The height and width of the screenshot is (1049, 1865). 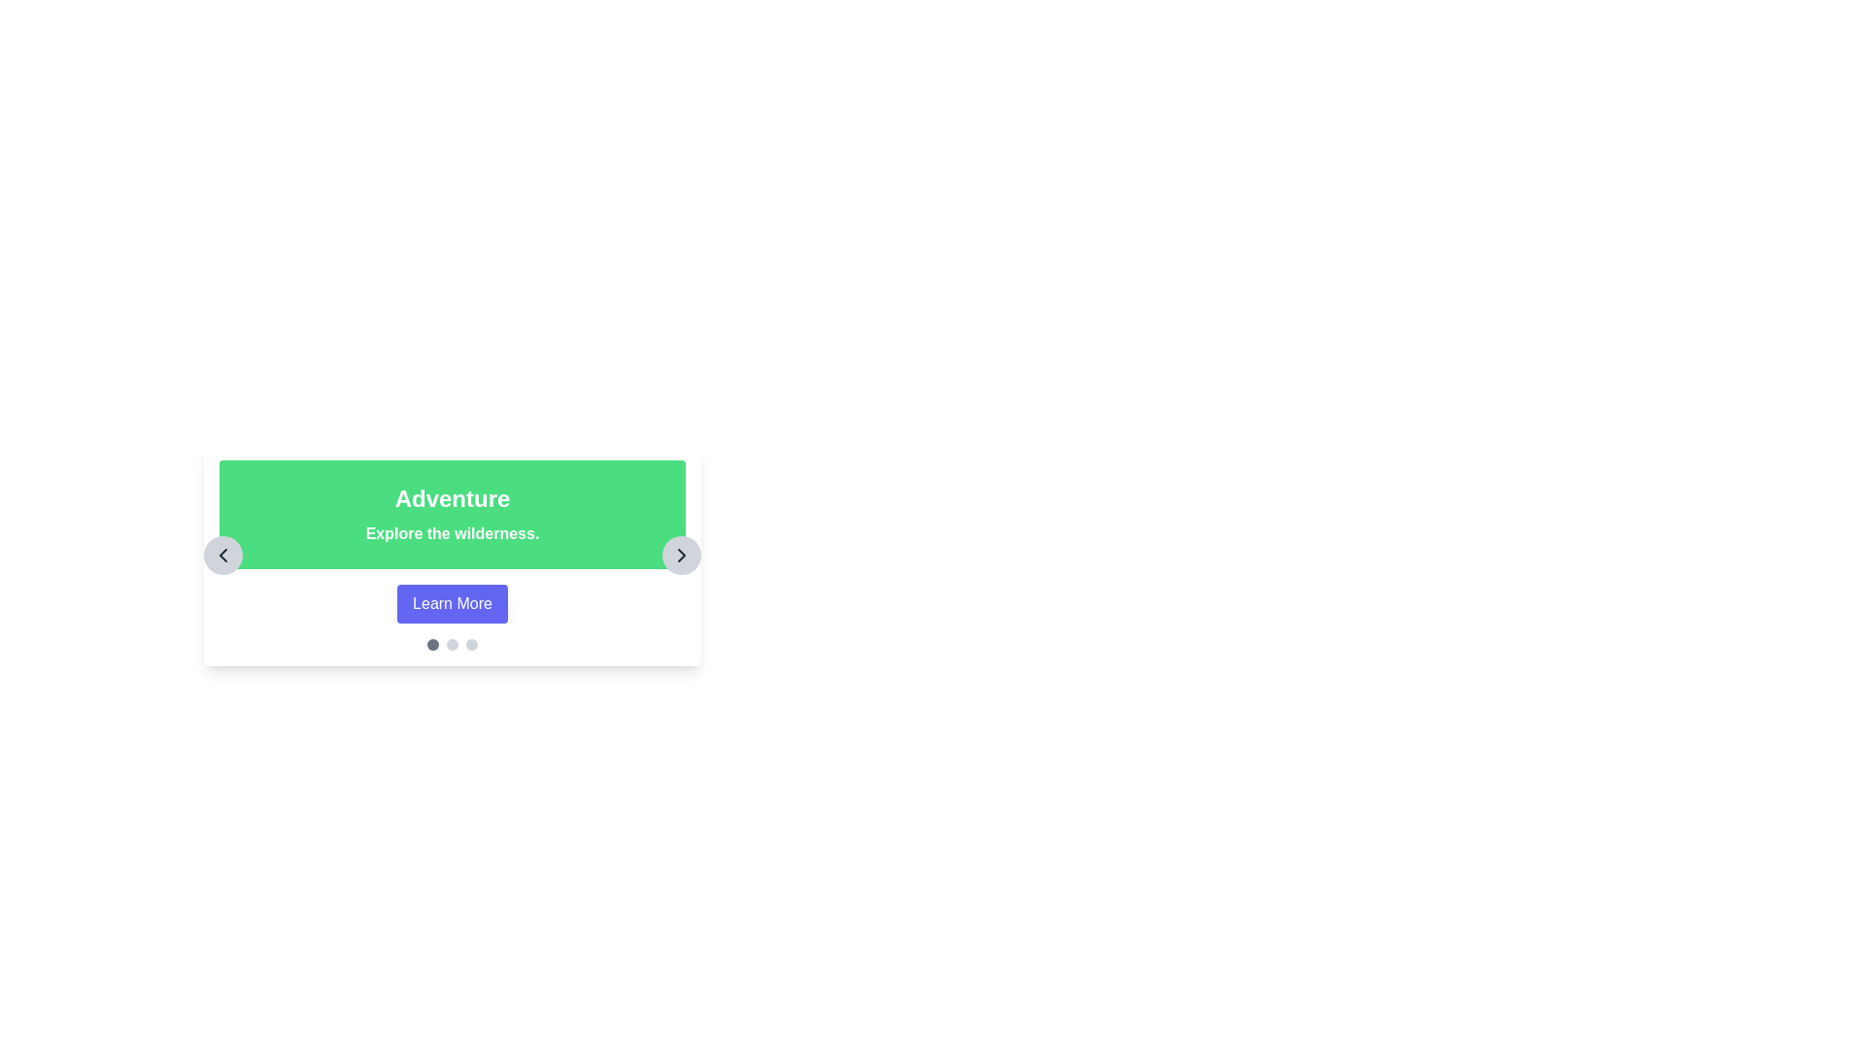 What do you see at coordinates (451, 534) in the screenshot?
I see `the second line of text that states 'Explore the wilderness.' which is presented in white font over a green background` at bounding box center [451, 534].